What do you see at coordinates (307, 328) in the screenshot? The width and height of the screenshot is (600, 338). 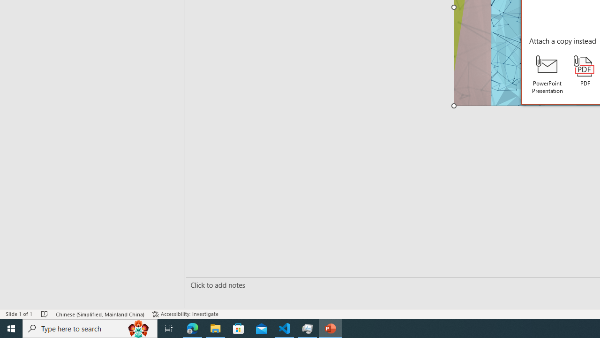 I see `'Task Manager - 1 running window'` at bounding box center [307, 328].